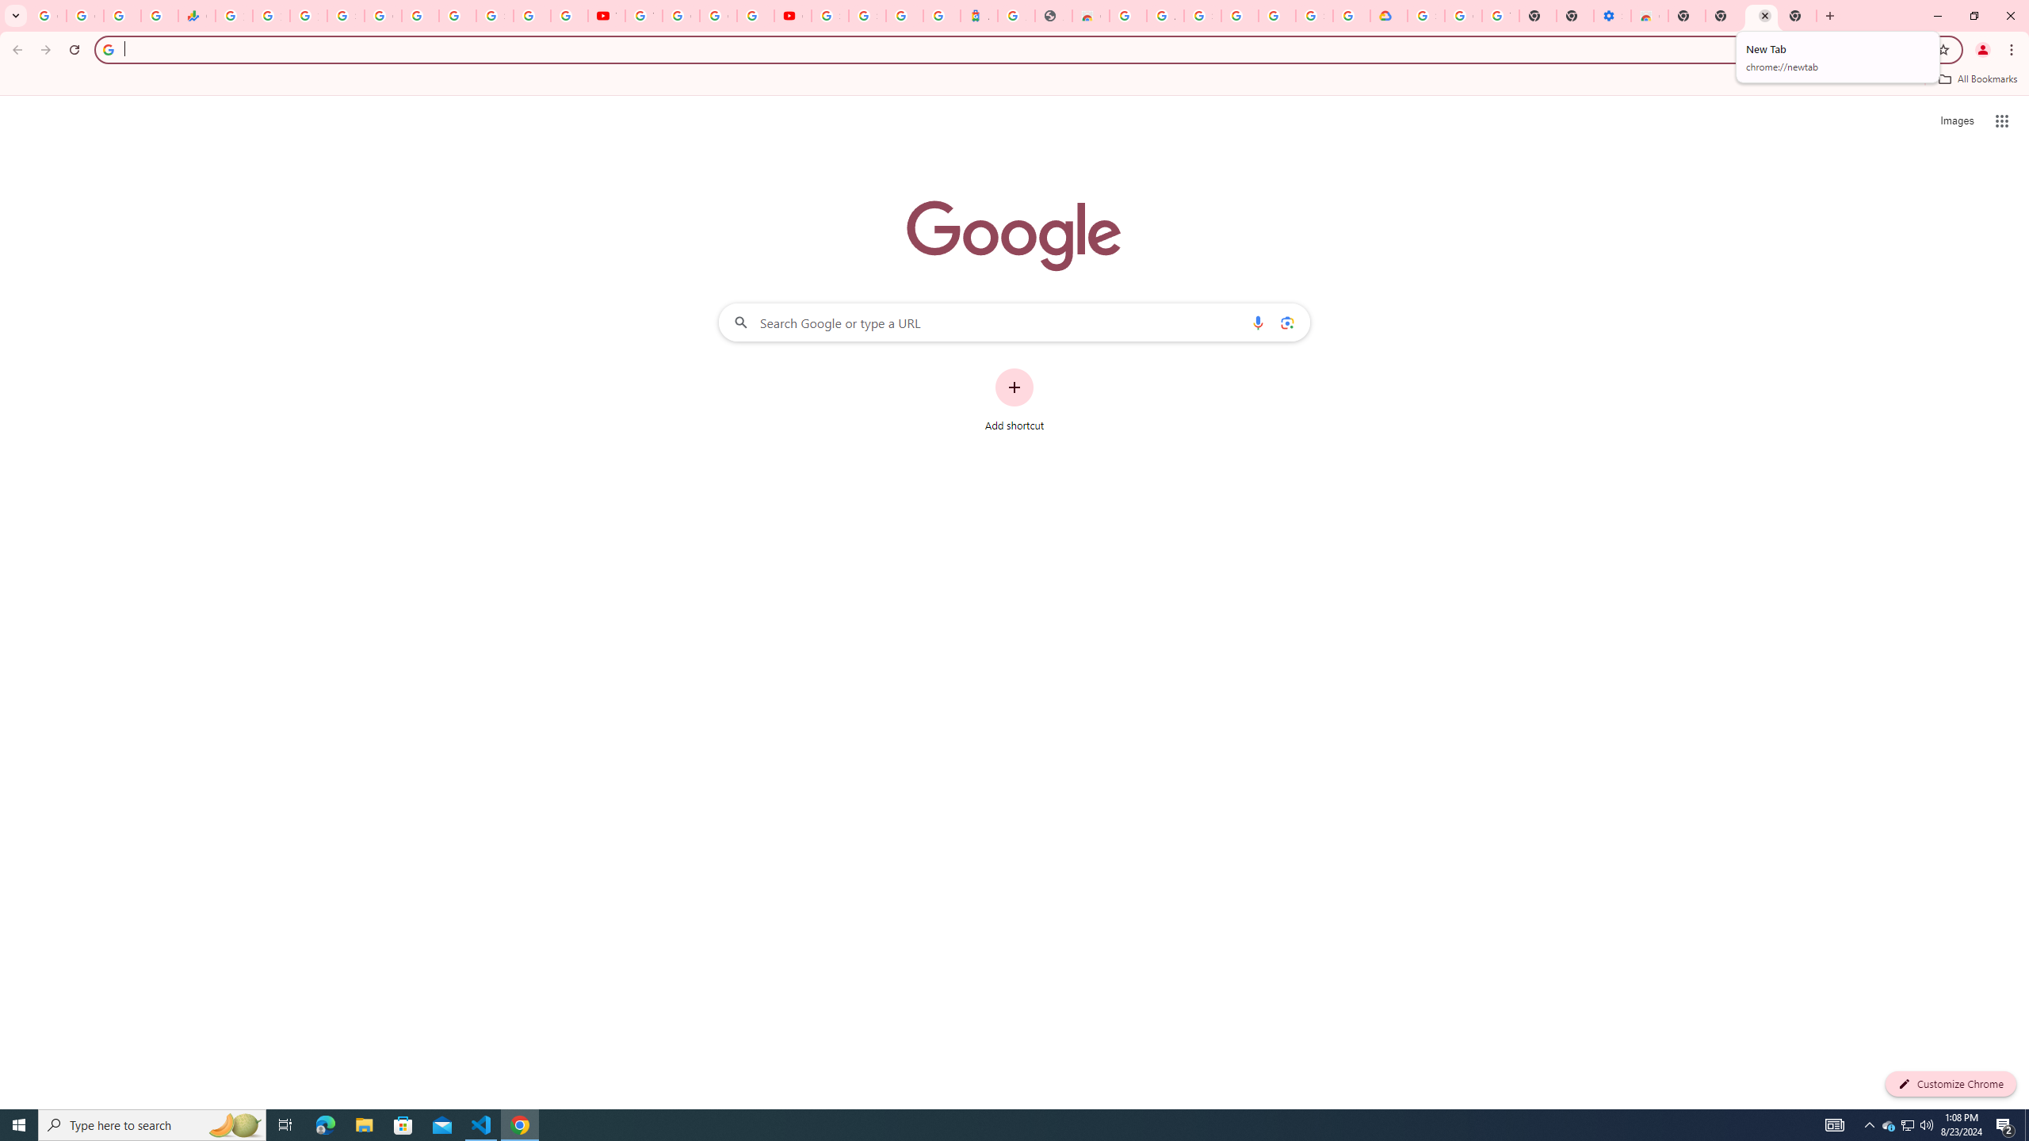 This screenshot has height=1141, width=2029. What do you see at coordinates (979, 15) in the screenshot?
I see `'Atour Hotel - Google hotels'` at bounding box center [979, 15].